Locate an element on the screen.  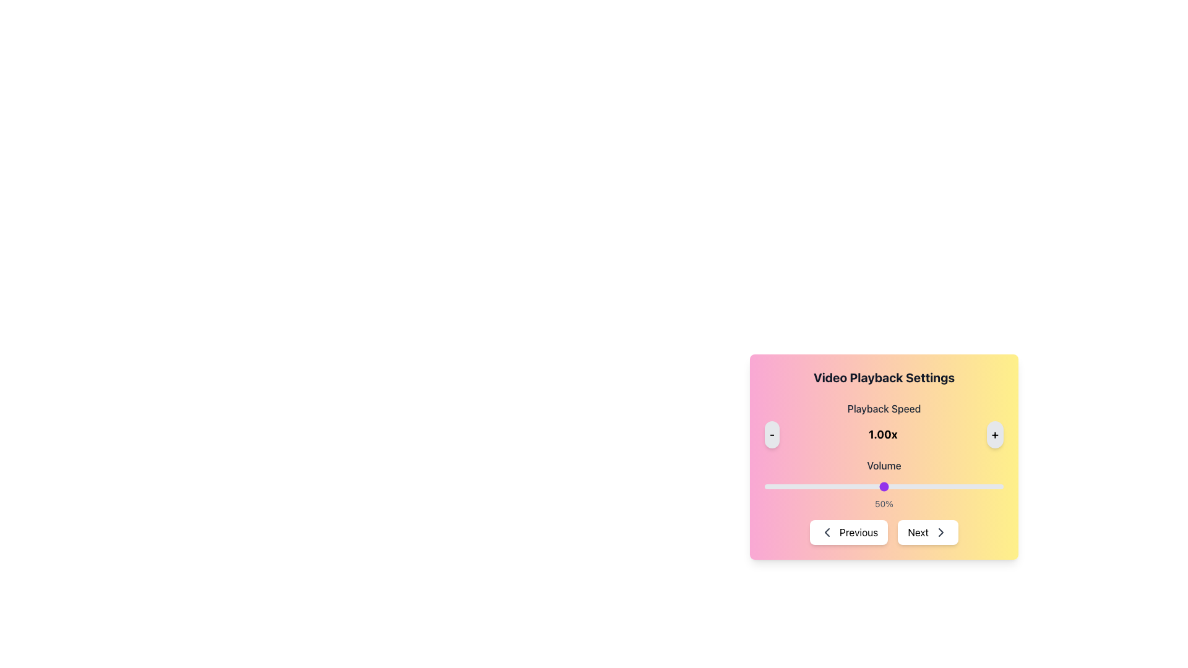
the volume is located at coordinates (843, 486).